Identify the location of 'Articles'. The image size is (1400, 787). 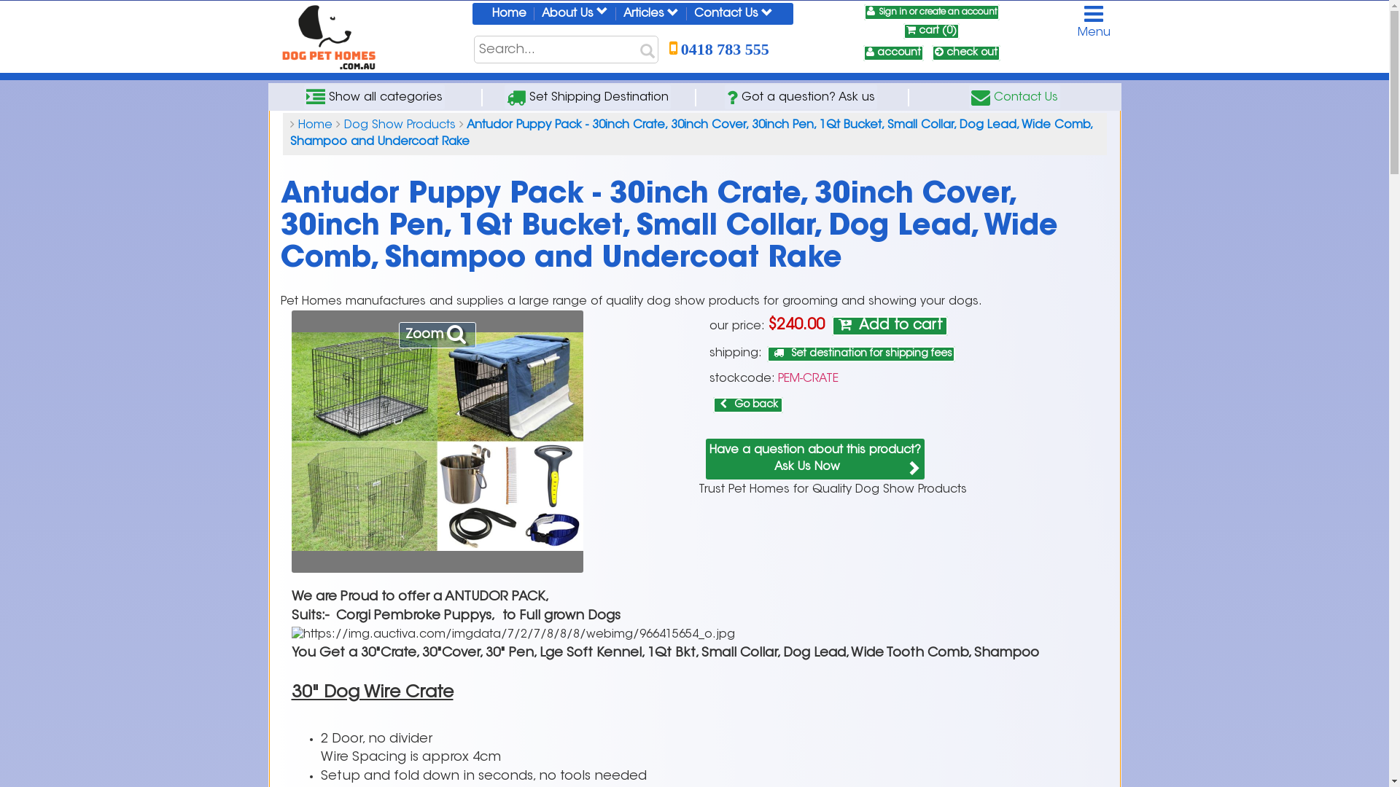
(650, 14).